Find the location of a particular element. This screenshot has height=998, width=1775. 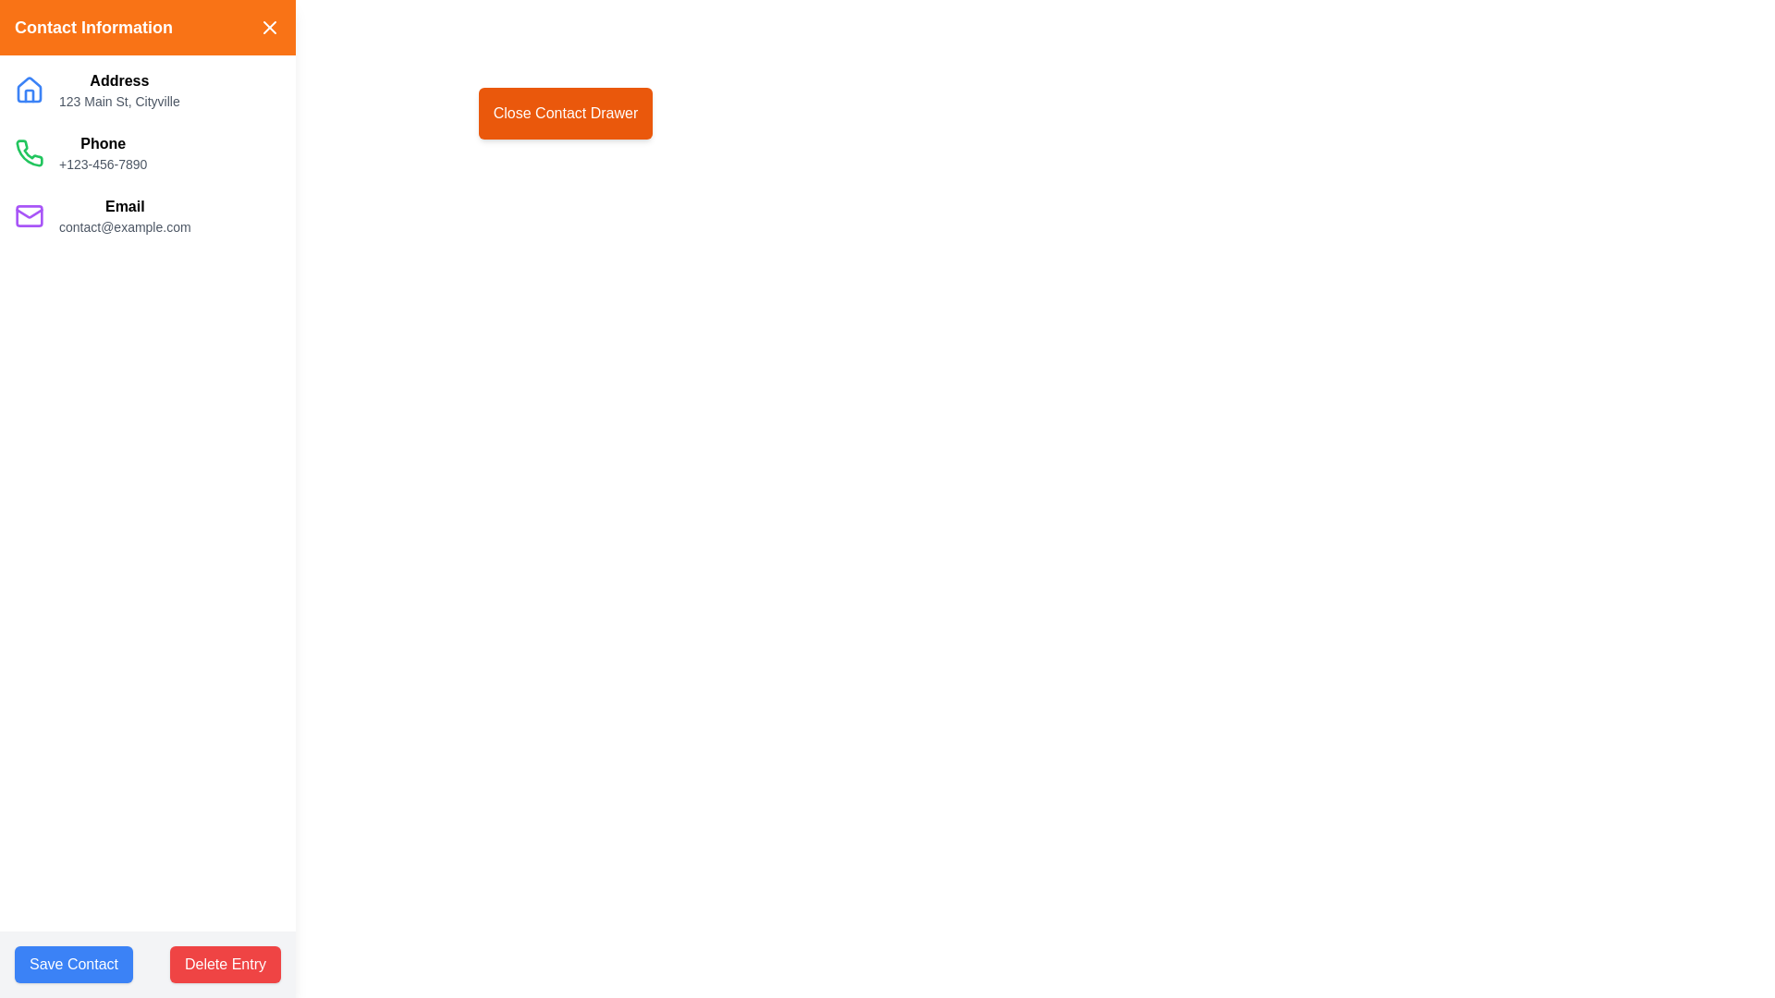

the vertical bar inside the house icon located under 'Contact Information', which is styled with blue outlines is located at coordinates (30, 96).